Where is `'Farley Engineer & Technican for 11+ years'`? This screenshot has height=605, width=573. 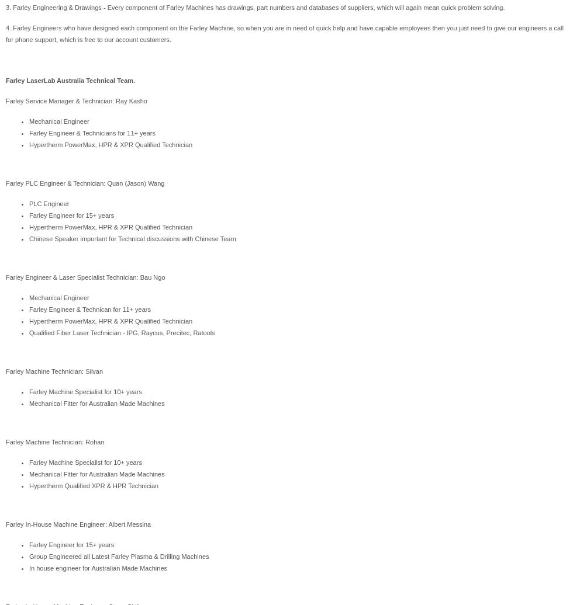 'Farley Engineer & Technican for 11+ years' is located at coordinates (89, 310).